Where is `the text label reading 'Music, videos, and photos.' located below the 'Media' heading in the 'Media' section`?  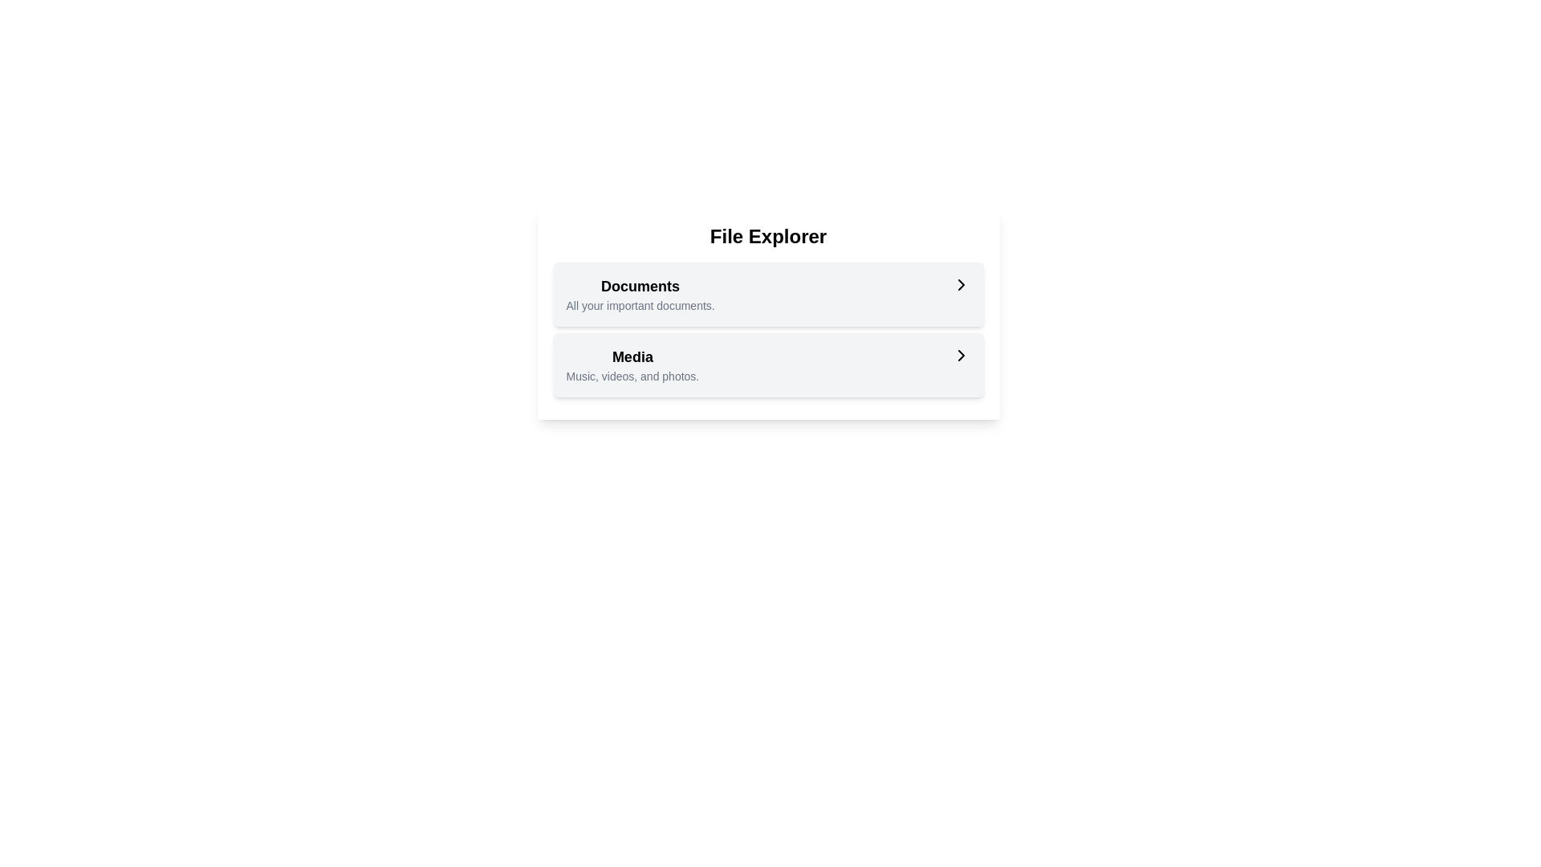
the text label reading 'Music, videos, and photos.' located below the 'Media' heading in the 'Media' section is located at coordinates (632, 377).